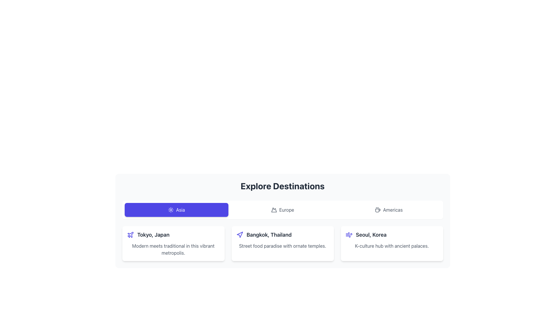  I want to click on the Icon component resembling a coffee cup's body within the SVG, so click(378, 210).